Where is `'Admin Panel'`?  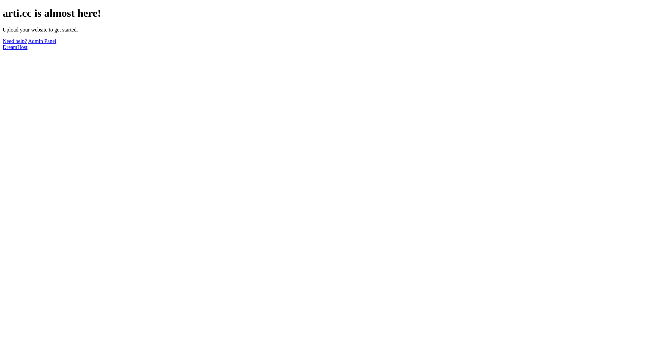 'Admin Panel' is located at coordinates (42, 41).